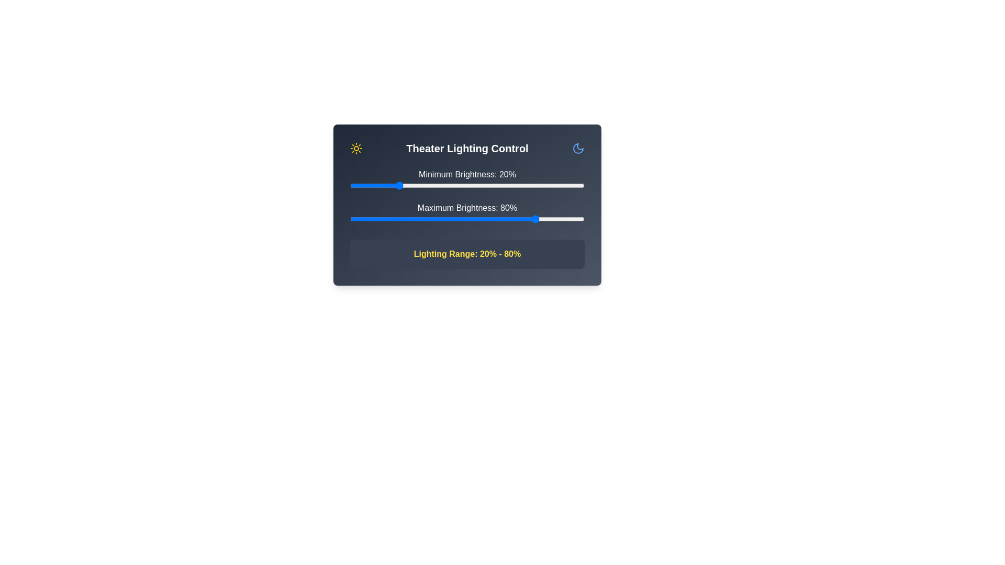 Image resolution: width=1005 pixels, height=565 pixels. What do you see at coordinates (420, 185) in the screenshot?
I see `the minimum brightness to 30% by interacting with the slider` at bounding box center [420, 185].